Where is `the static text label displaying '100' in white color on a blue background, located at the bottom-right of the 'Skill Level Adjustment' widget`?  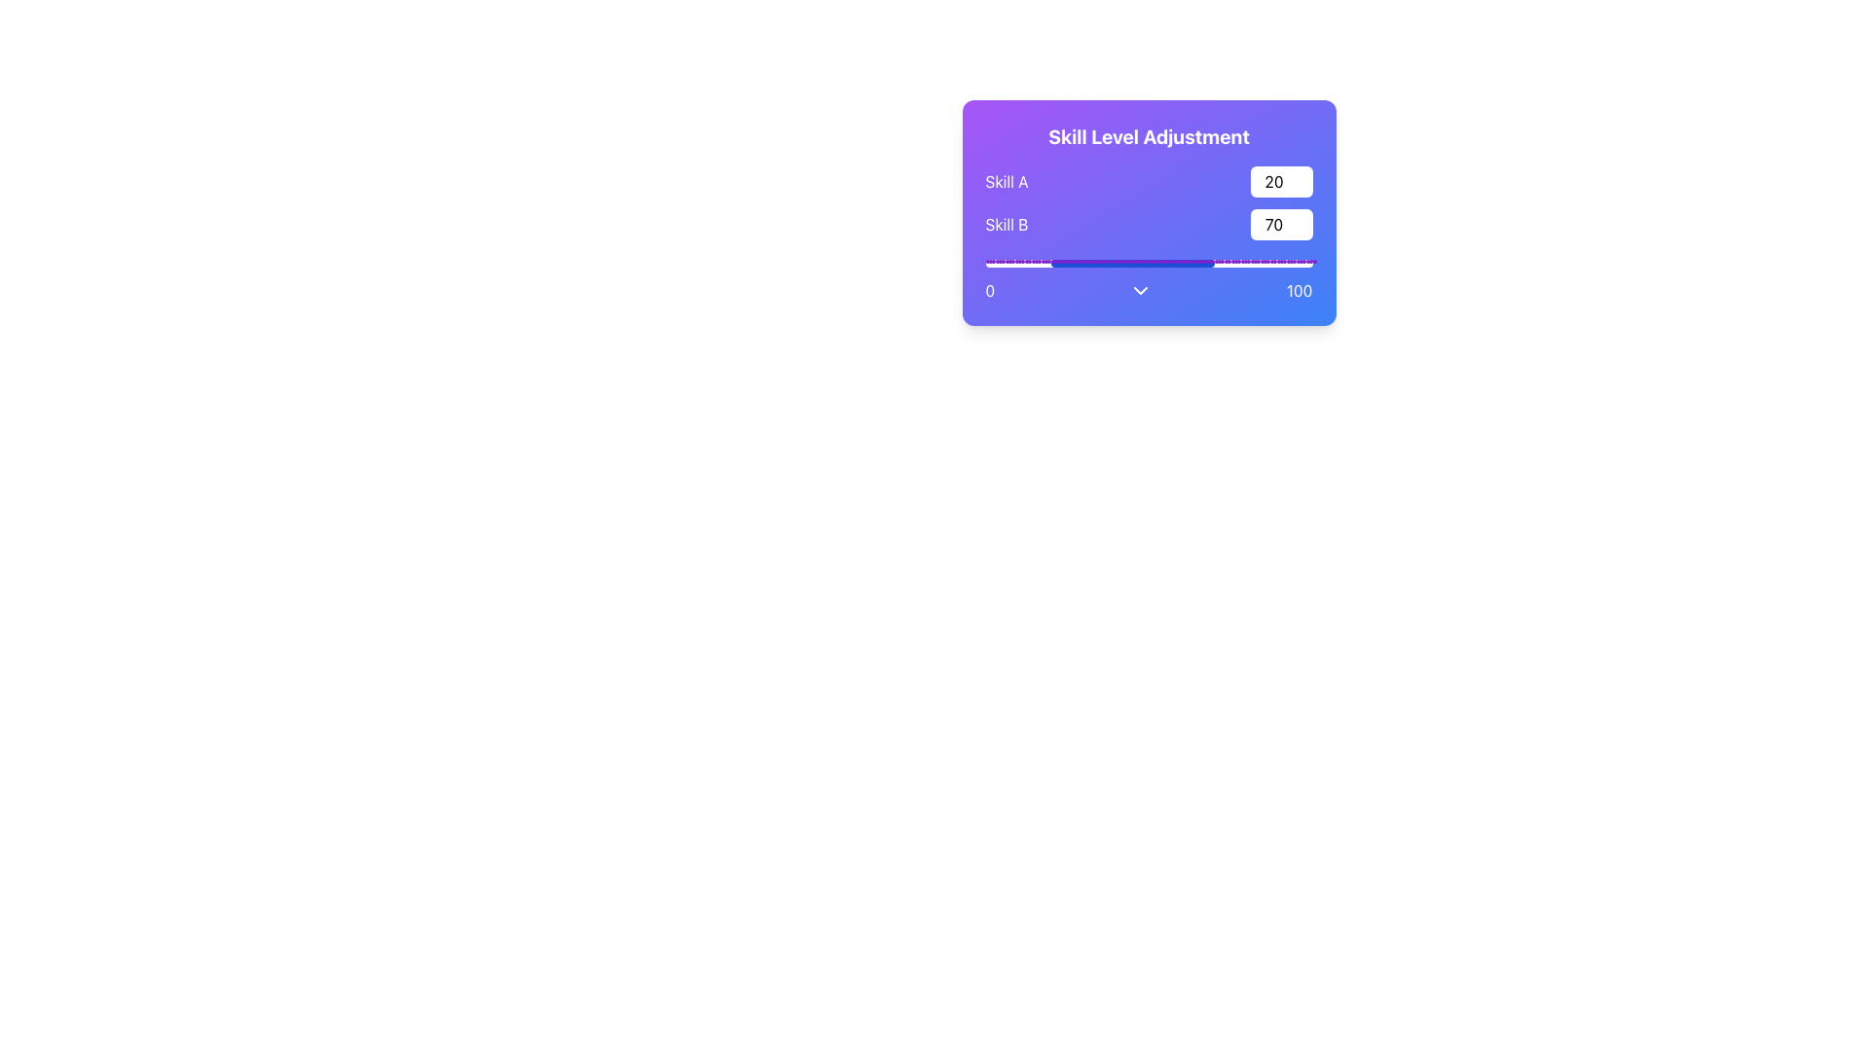
the static text label displaying '100' in white color on a blue background, located at the bottom-right of the 'Skill Level Adjustment' widget is located at coordinates (1300, 291).